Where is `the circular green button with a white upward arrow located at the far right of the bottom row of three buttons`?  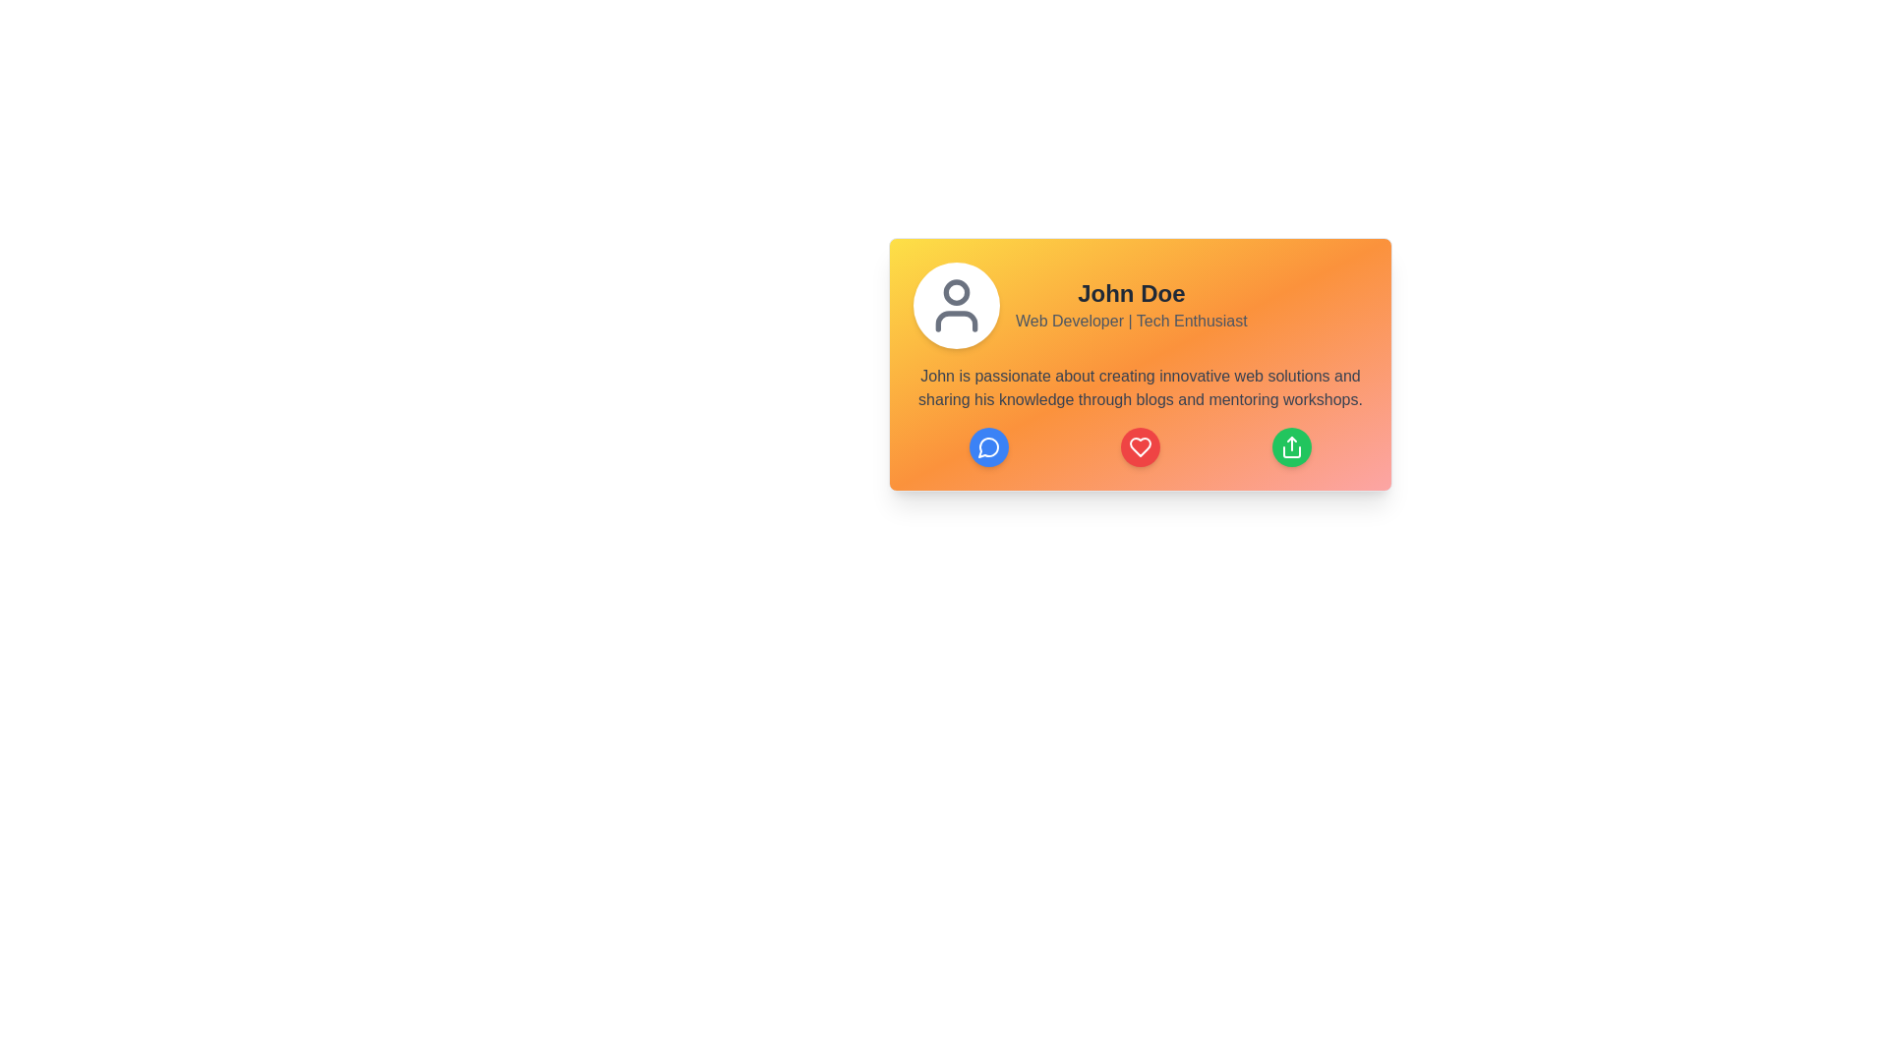 the circular green button with a white upward arrow located at the far right of the bottom row of three buttons is located at coordinates (1292, 447).